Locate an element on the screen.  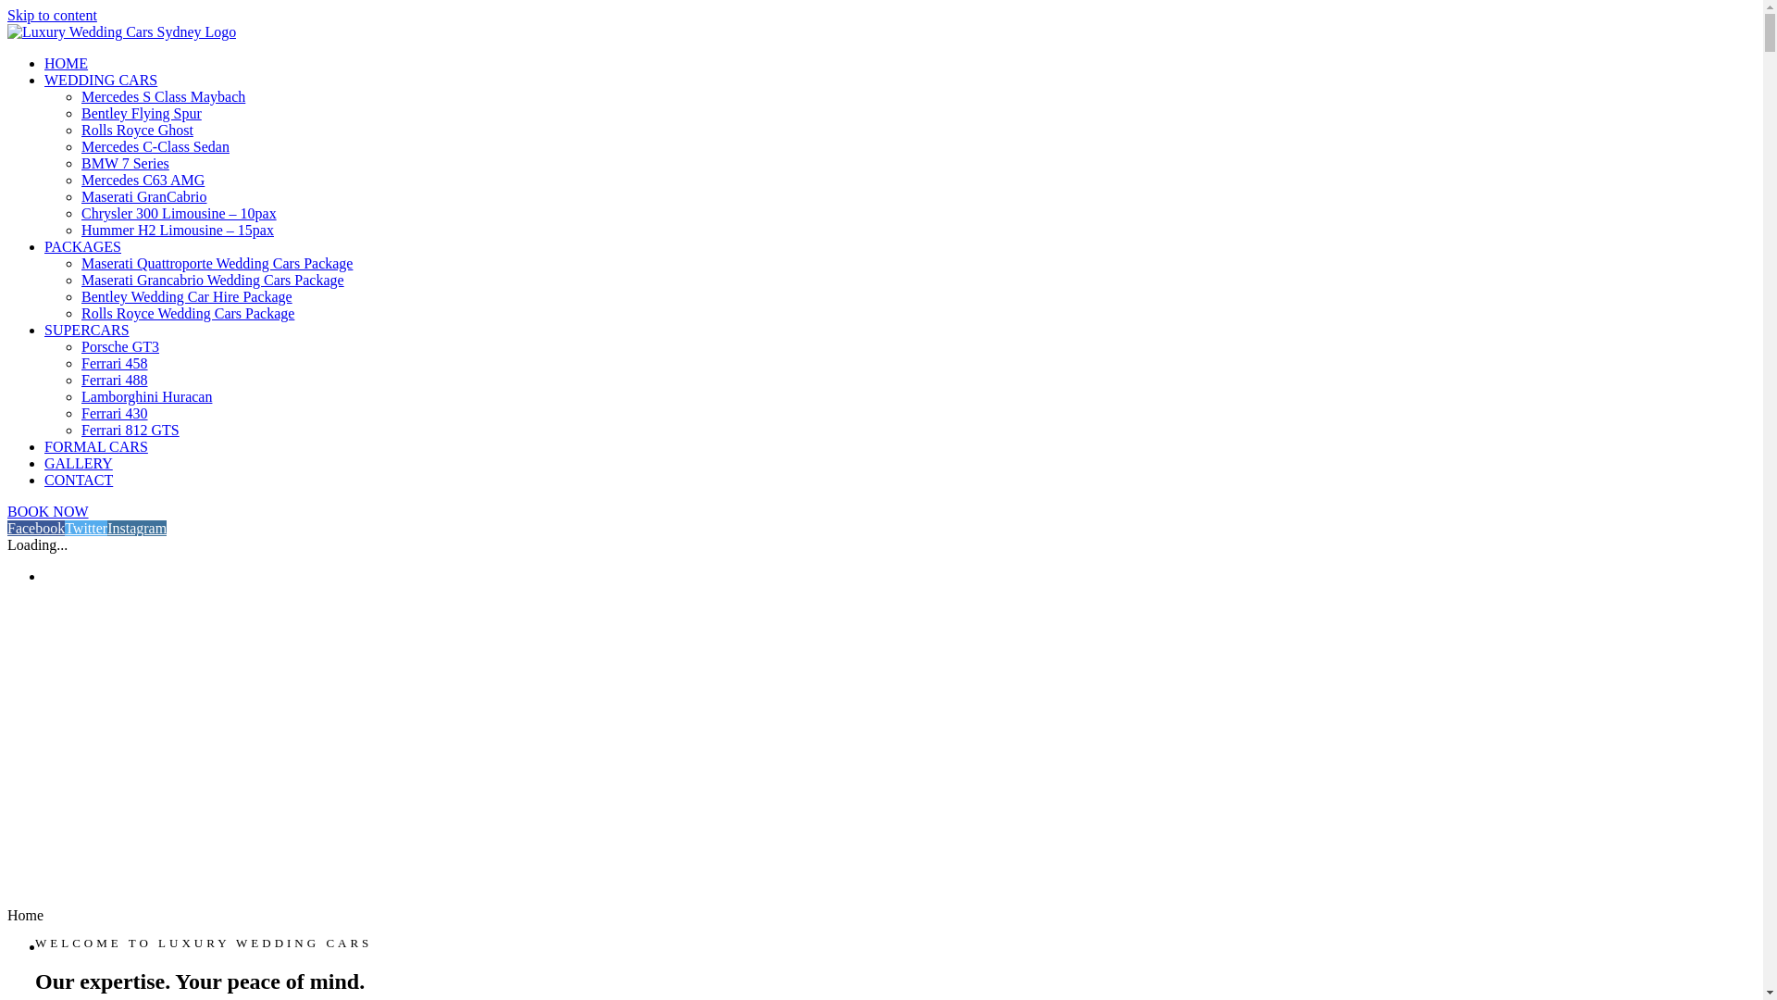
'Twitter' is located at coordinates (84, 528).